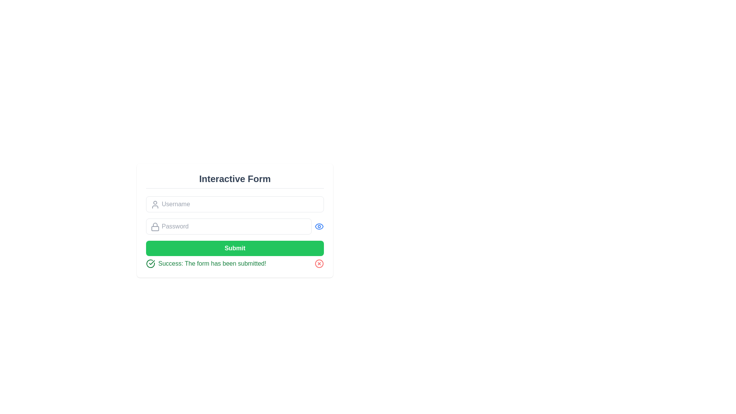 The height and width of the screenshot is (414, 736). Describe the element at coordinates (235, 181) in the screenshot. I see `the 'Interactive Form' header, which is displayed in bold, large font and centered above the form fields` at that location.